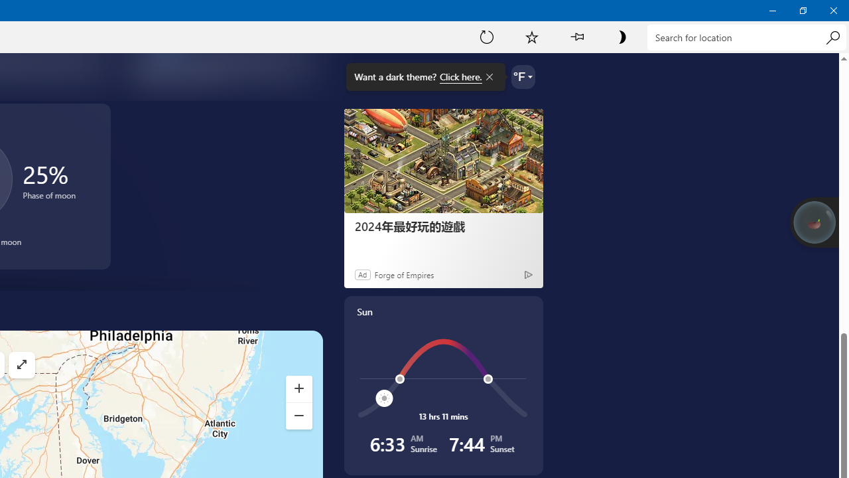 The height and width of the screenshot is (478, 849). Describe the element at coordinates (486, 36) in the screenshot. I see `'Refresh'` at that location.